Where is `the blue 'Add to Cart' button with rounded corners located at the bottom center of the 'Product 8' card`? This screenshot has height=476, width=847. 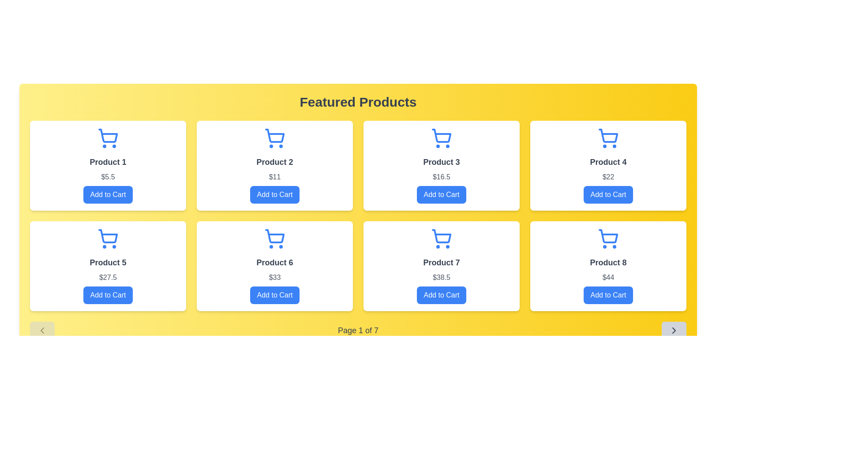
the blue 'Add to Cart' button with rounded corners located at the bottom center of the 'Product 8' card is located at coordinates (607, 295).